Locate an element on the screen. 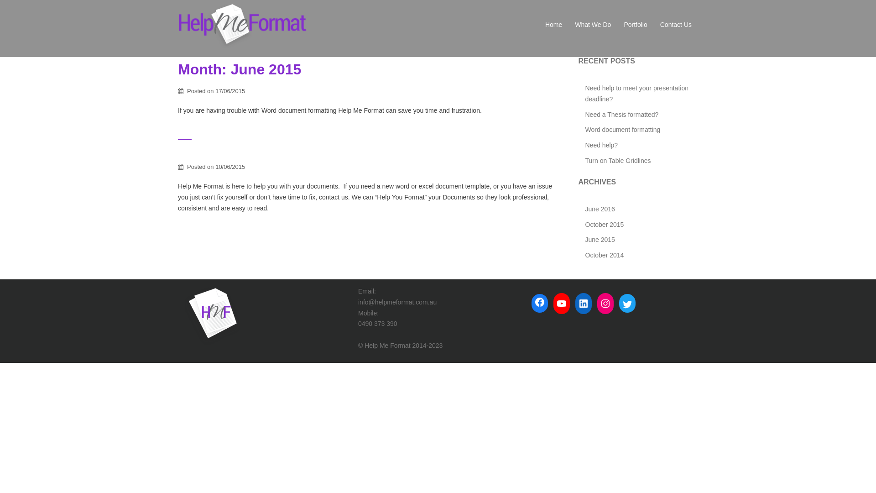 This screenshot has width=876, height=493. 'Word document formatting' is located at coordinates (584, 130).